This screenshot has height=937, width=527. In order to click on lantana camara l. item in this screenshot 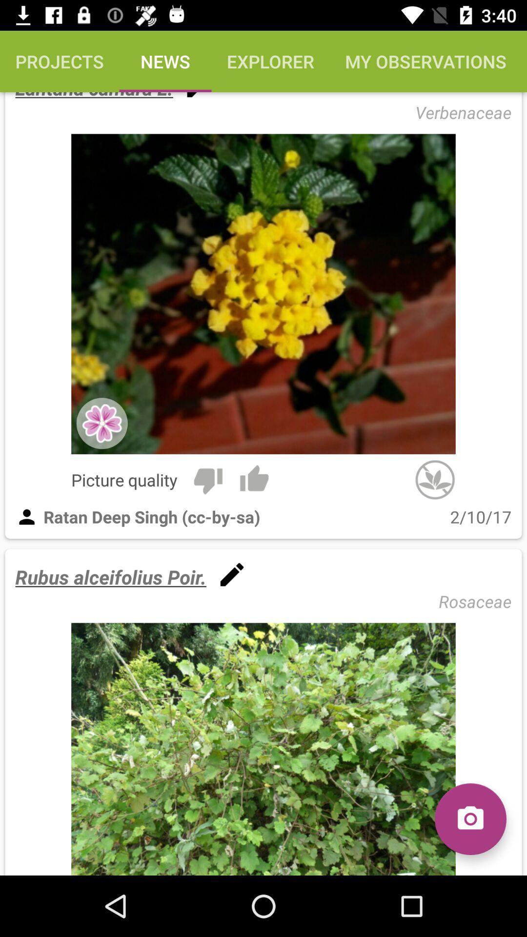, I will do `click(94, 96)`.